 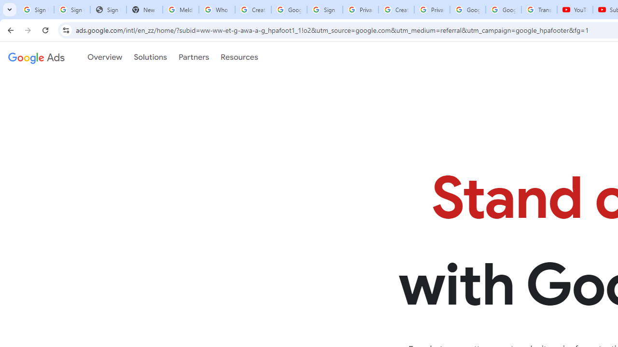 What do you see at coordinates (144, 10) in the screenshot?
I see `'New Tab'` at bounding box center [144, 10].